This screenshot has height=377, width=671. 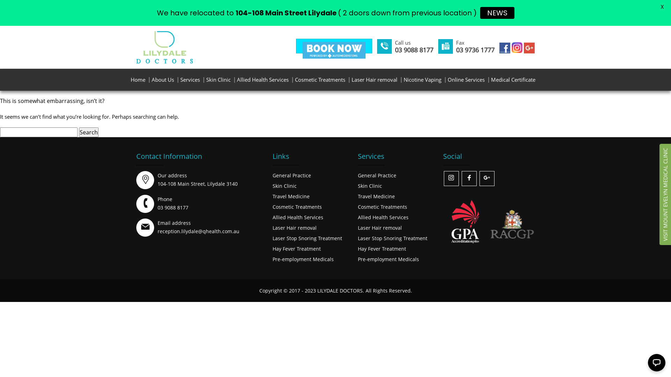 What do you see at coordinates (173, 203) in the screenshot?
I see `'Phone` at bounding box center [173, 203].